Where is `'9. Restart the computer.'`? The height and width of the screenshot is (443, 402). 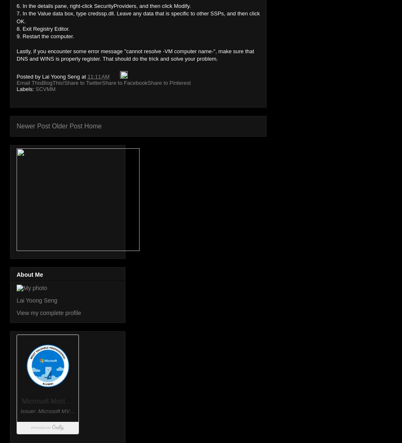 '9. Restart the computer.' is located at coordinates (45, 35).